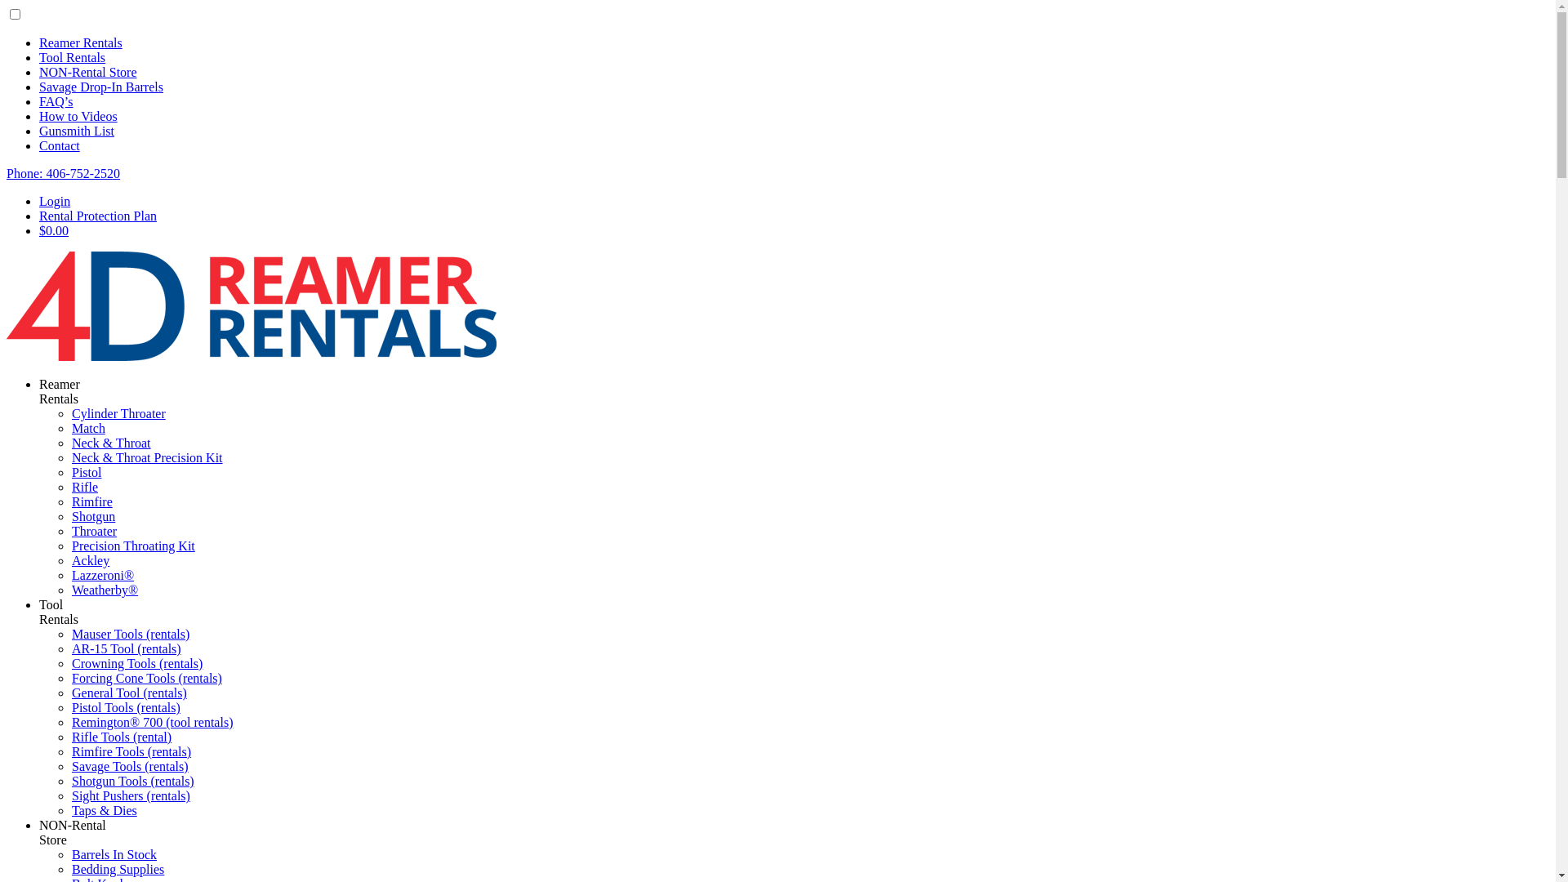 The image size is (1568, 882). Describe the element at coordinates (59, 145) in the screenshot. I see `'Contact'` at that location.